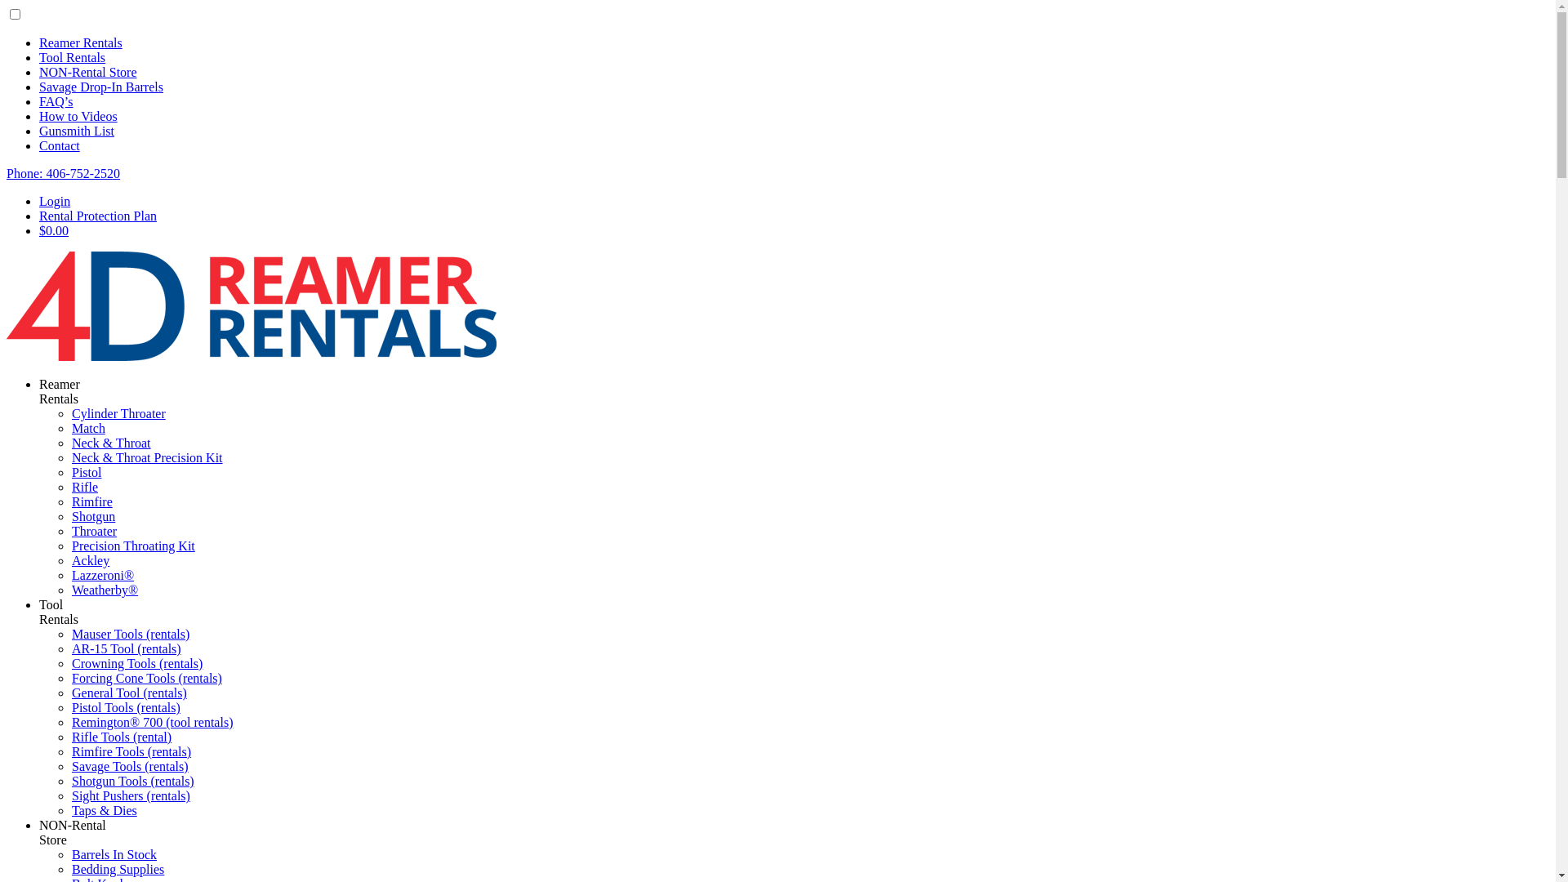 The image size is (1568, 882). Describe the element at coordinates (59, 145) in the screenshot. I see `'Contact'` at that location.